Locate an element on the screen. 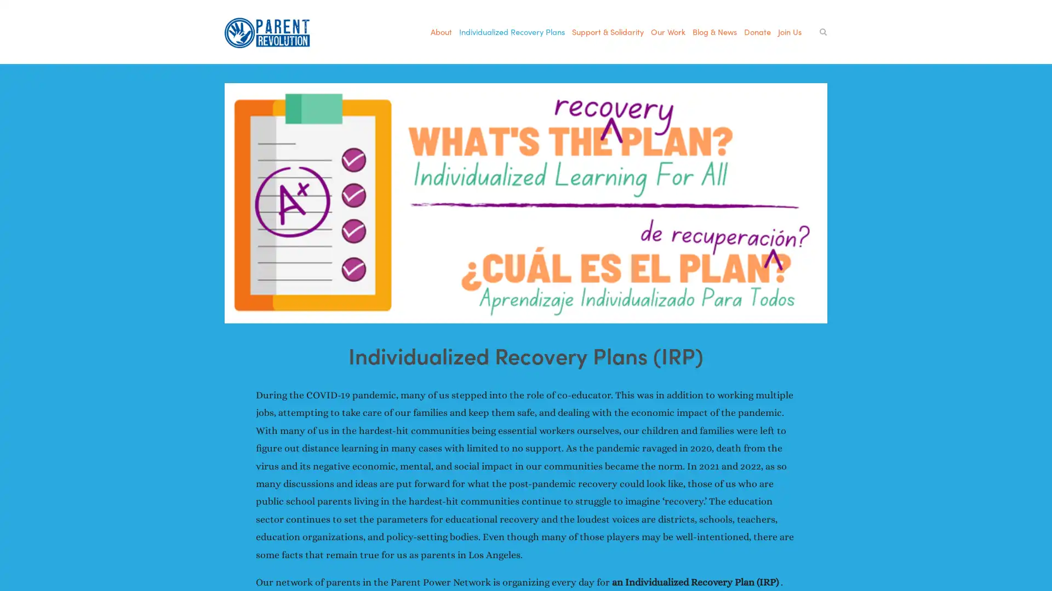 This screenshot has height=591, width=1052. Close is located at coordinates (718, 88).